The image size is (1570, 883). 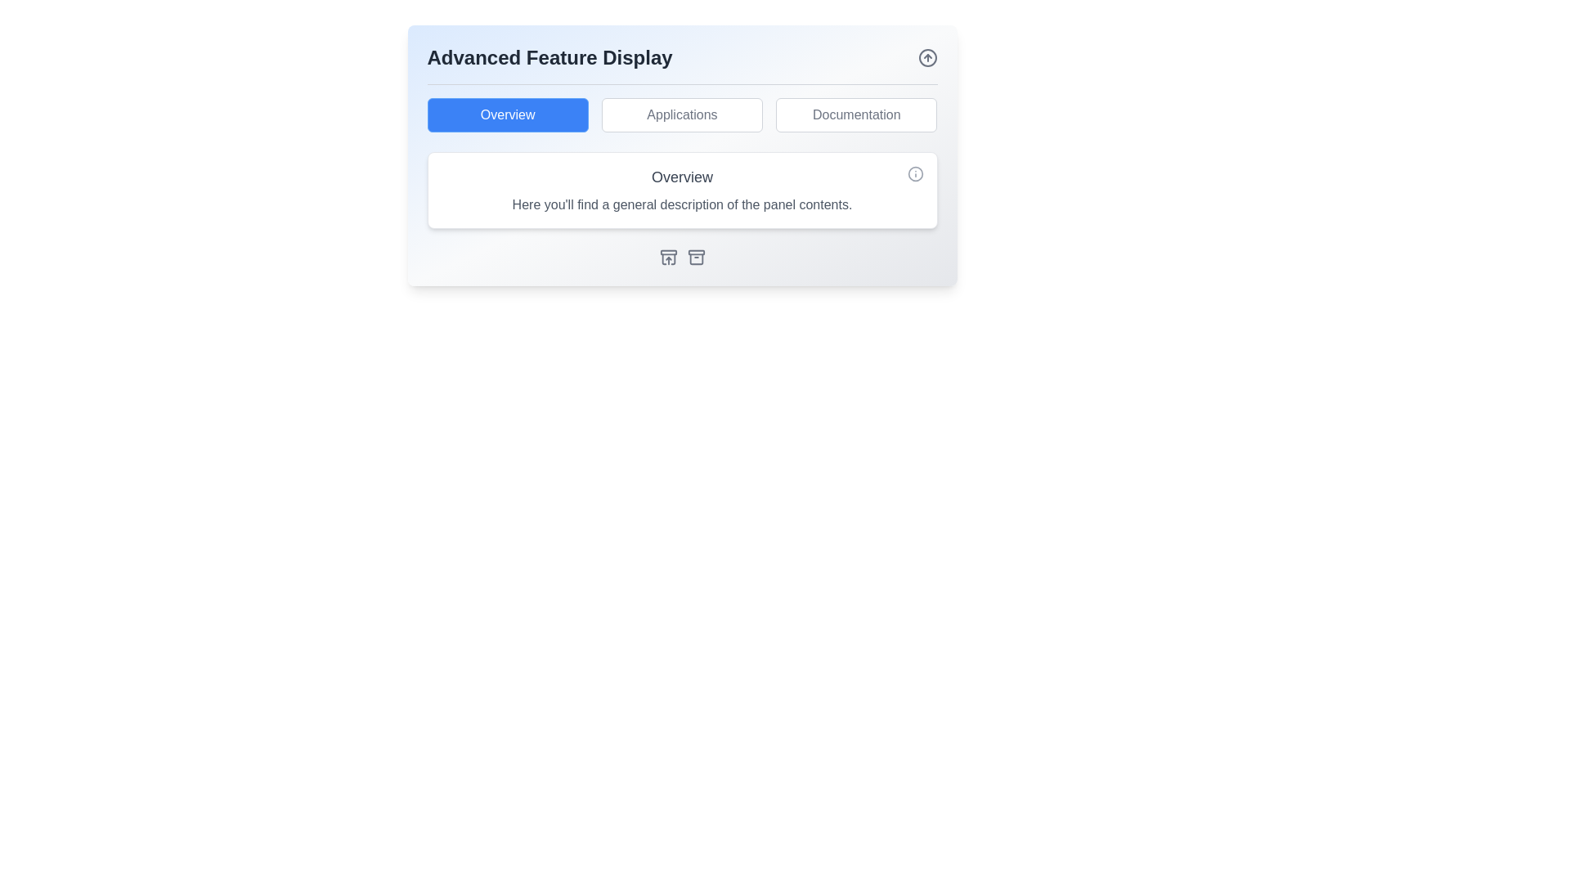 I want to click on the 'Applications' button, which is a rectangular button with gray text and a white background, located between the 'Overview' and 'Documentation' buttons, so click(x=682, y=114).